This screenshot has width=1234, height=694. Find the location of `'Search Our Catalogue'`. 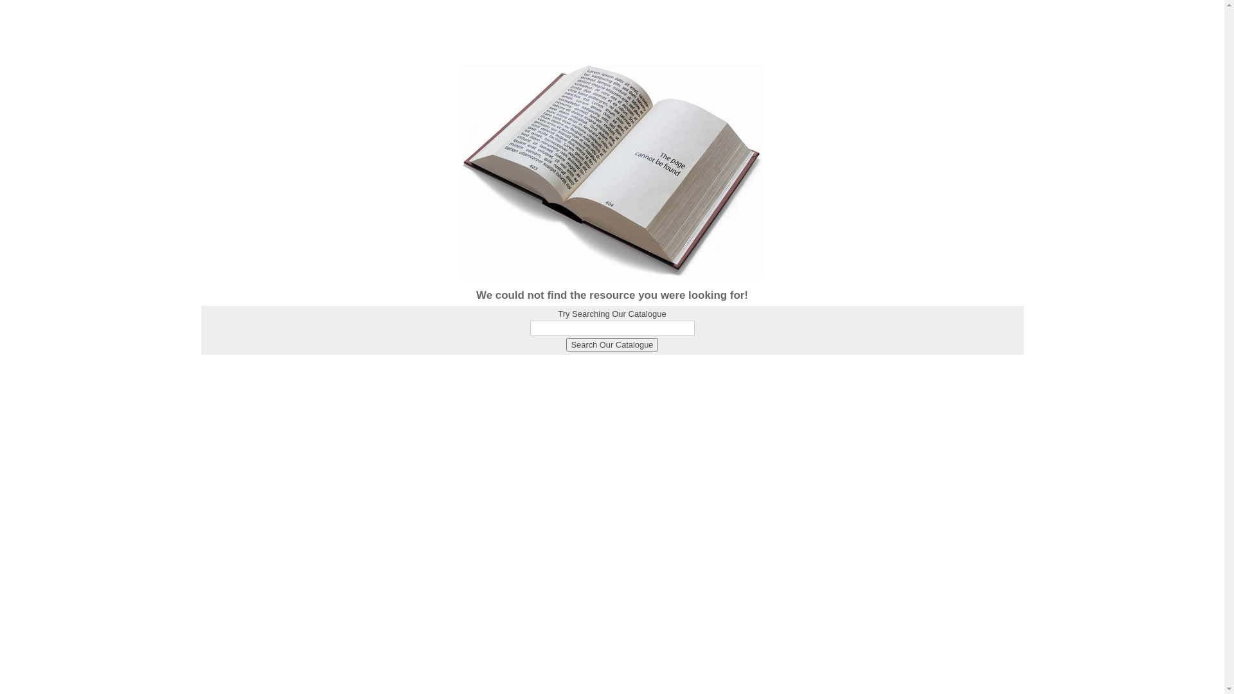

'Search Our Catalogue' is located at coordinates (566, 344).